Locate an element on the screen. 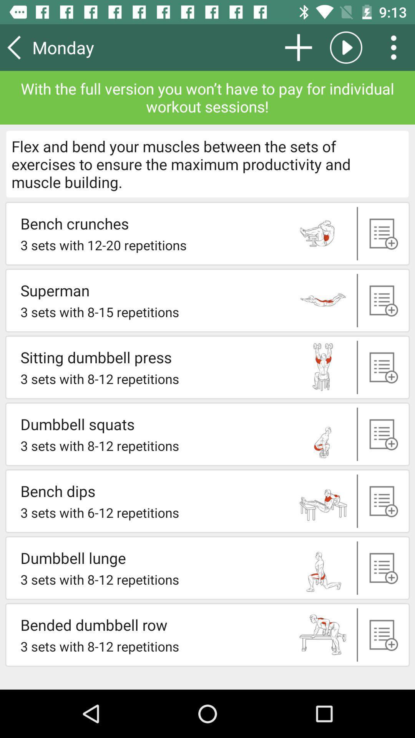  the add icon is located at coordinates (298, 47).